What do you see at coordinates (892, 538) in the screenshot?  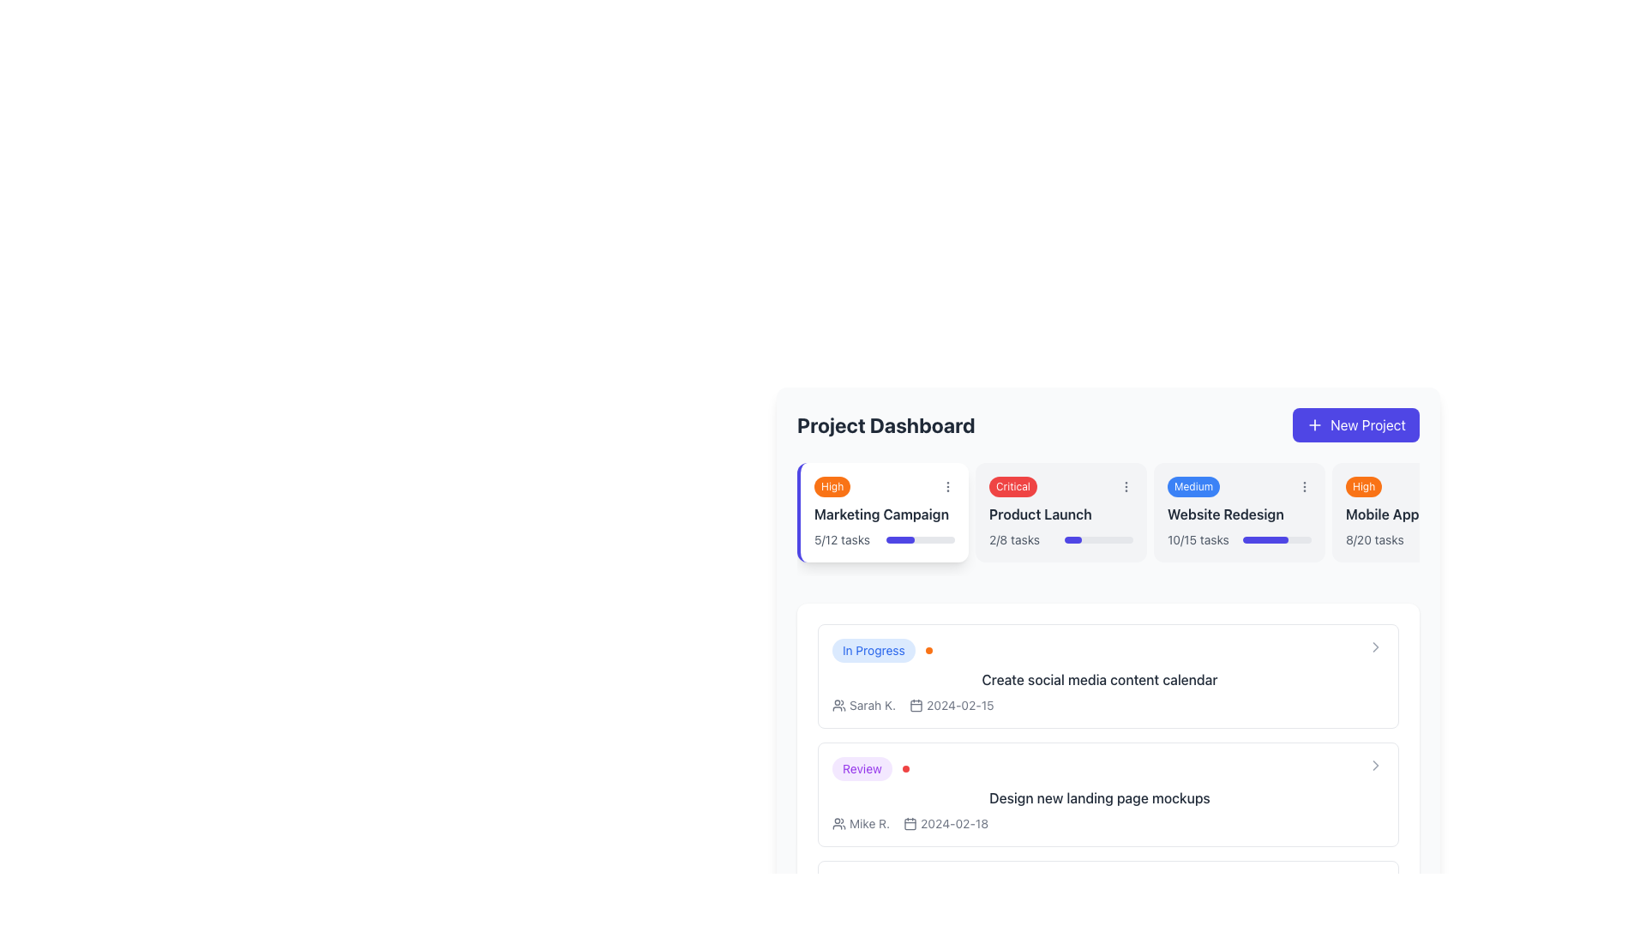 I see `progress on the bar` at bounding box center [892, 538].